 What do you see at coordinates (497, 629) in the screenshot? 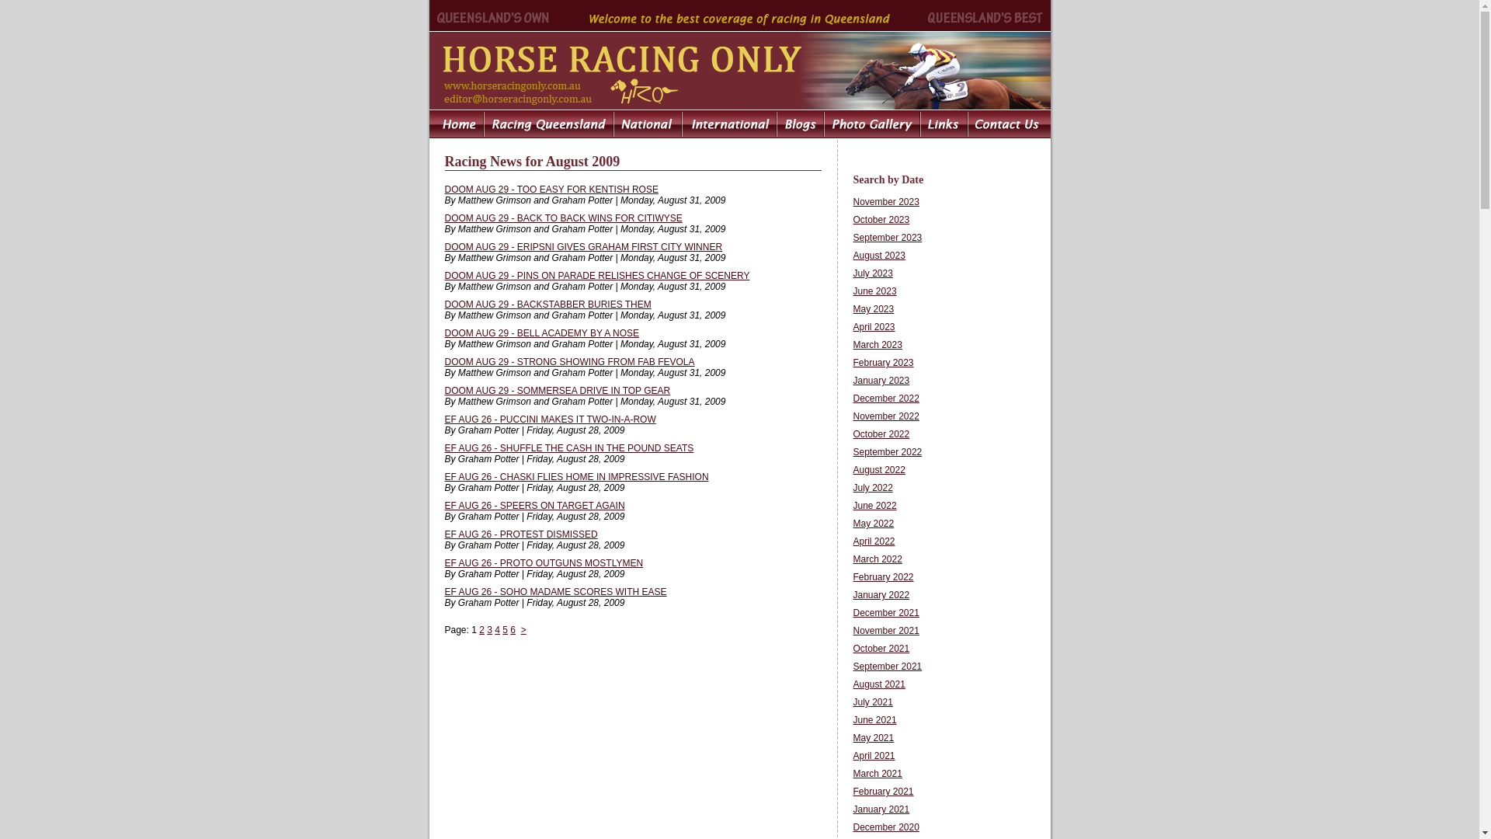
I see `'4'` at bounding box center [497, 629].